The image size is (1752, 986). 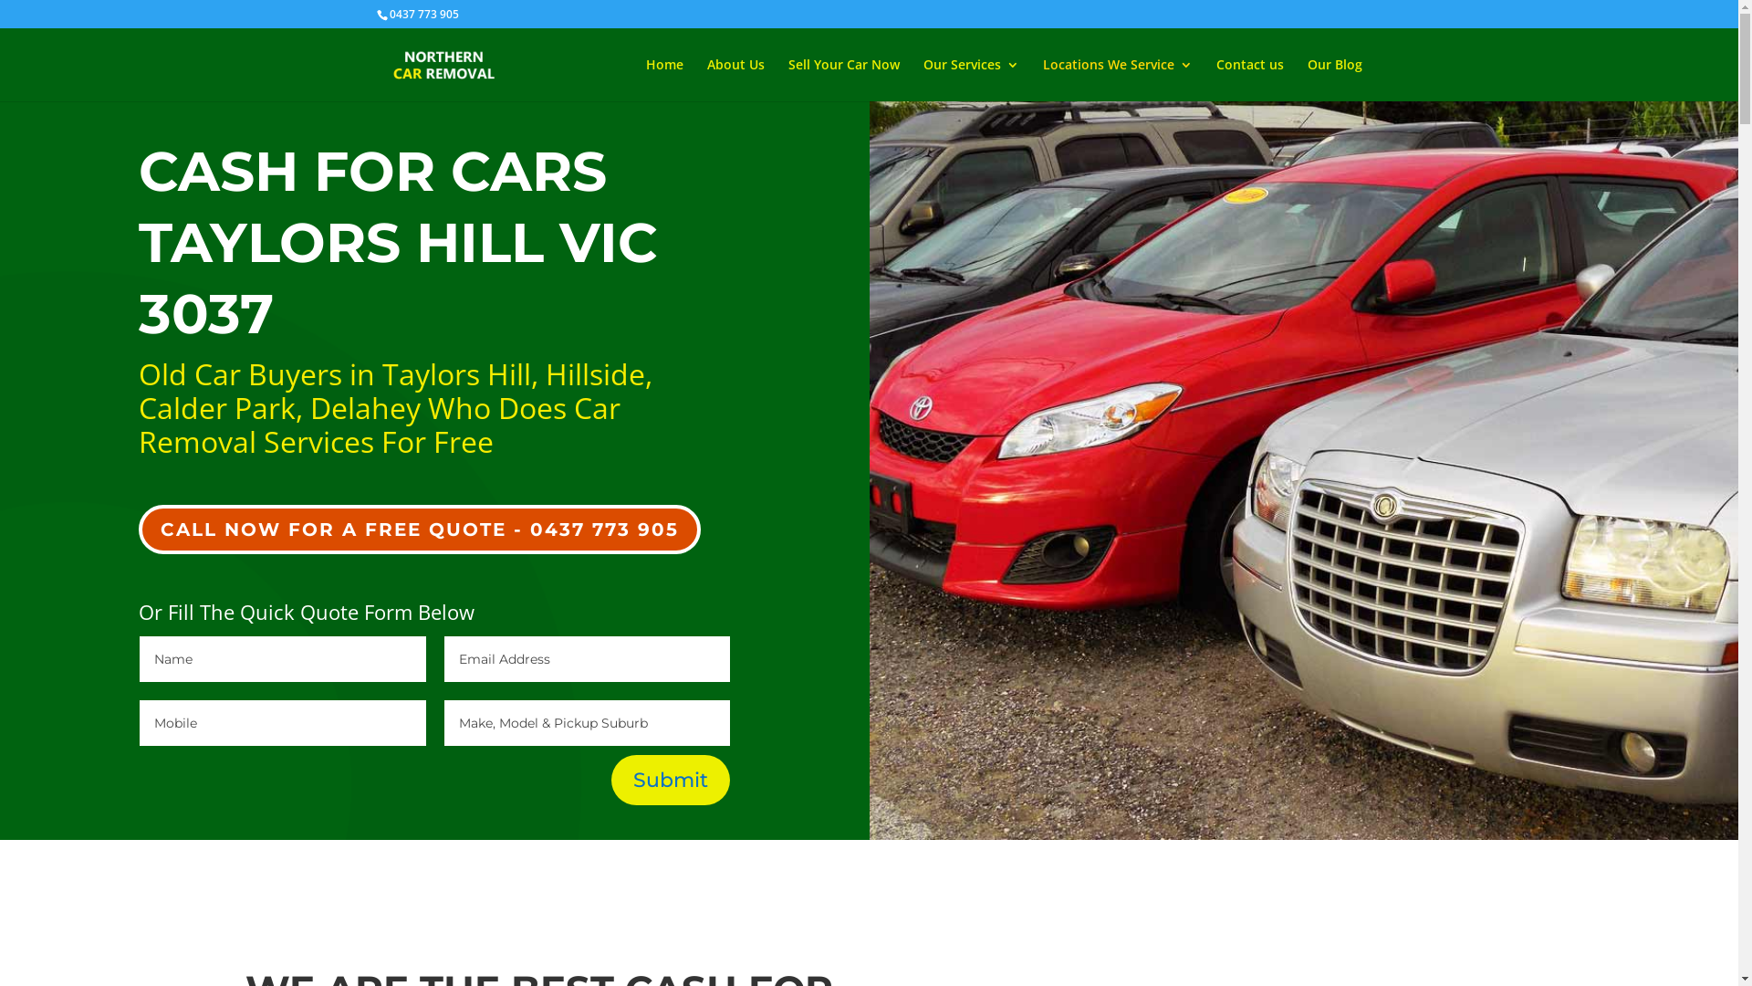 I want to click on 'Home', so click(x=663, y=79).